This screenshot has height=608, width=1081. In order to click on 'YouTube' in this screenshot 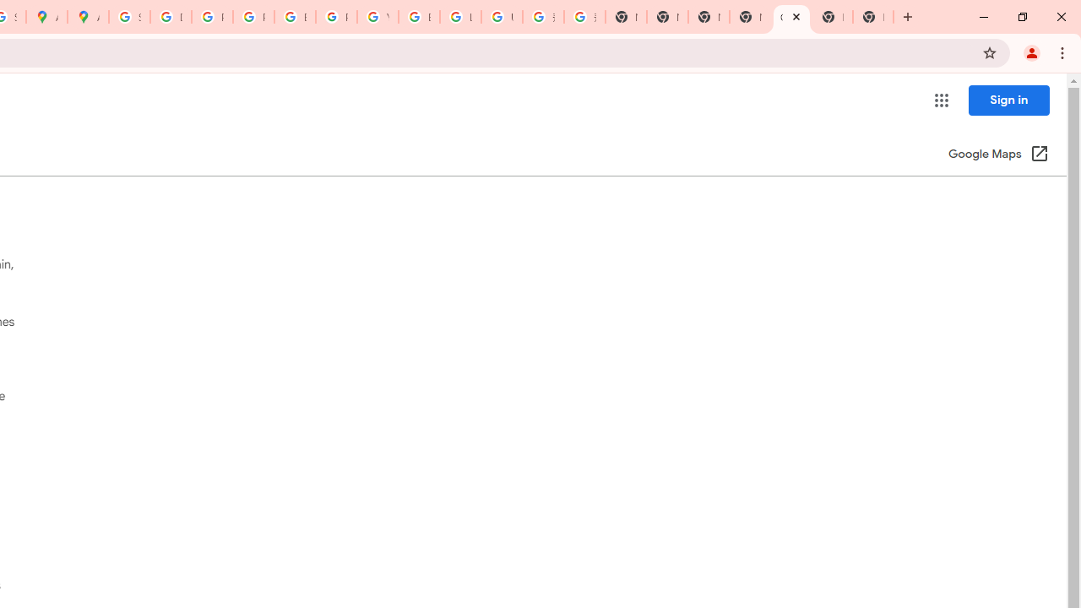, I will do `click(377, 17)`.